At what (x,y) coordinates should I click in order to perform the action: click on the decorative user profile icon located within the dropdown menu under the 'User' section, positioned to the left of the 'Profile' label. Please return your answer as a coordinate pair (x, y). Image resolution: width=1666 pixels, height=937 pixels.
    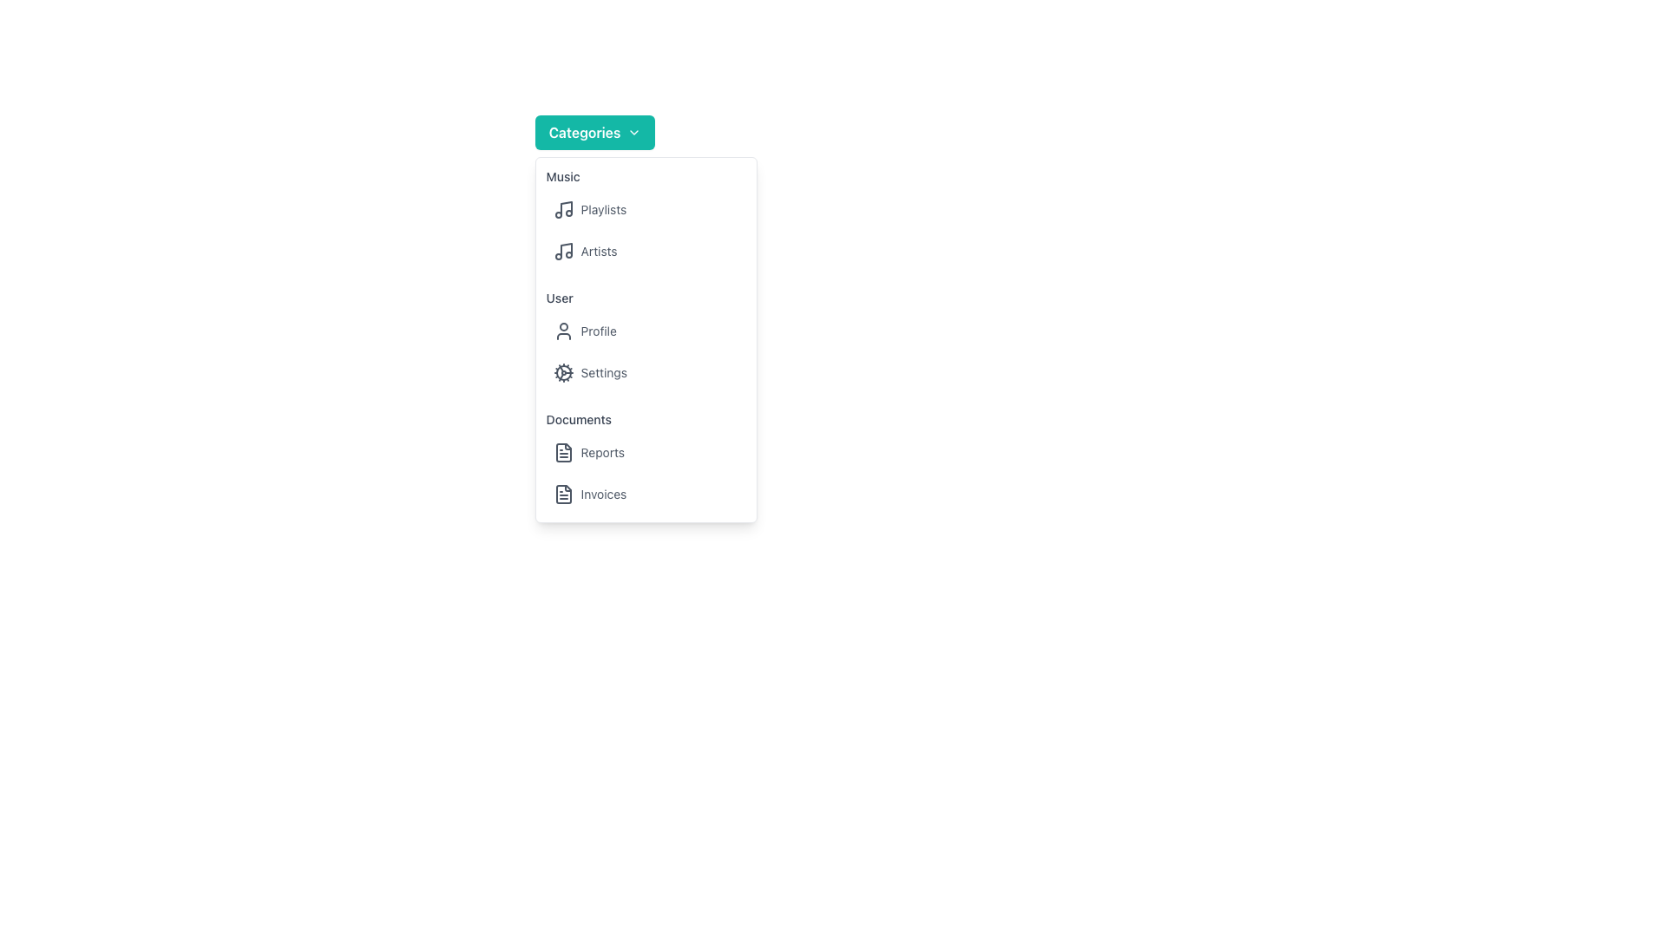
    Looking at the image, I should click on (563, 331).